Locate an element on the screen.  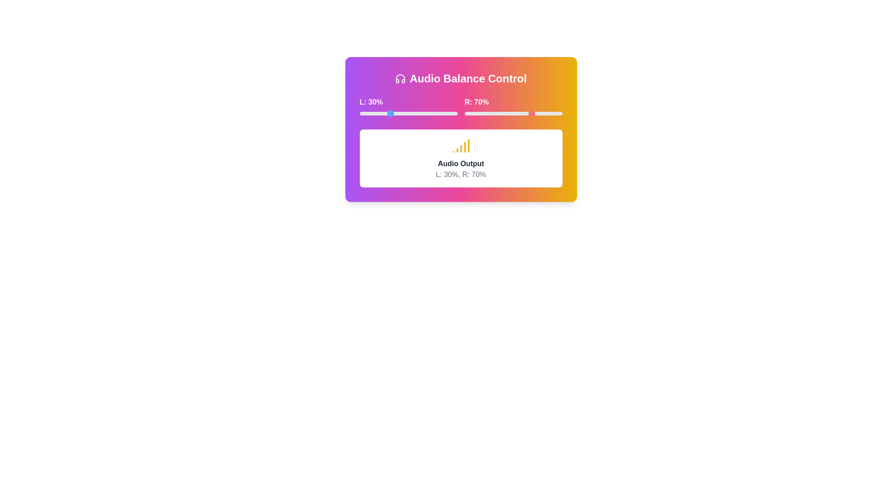
the right volume slider to 80% is located at coordinates (543, 113).